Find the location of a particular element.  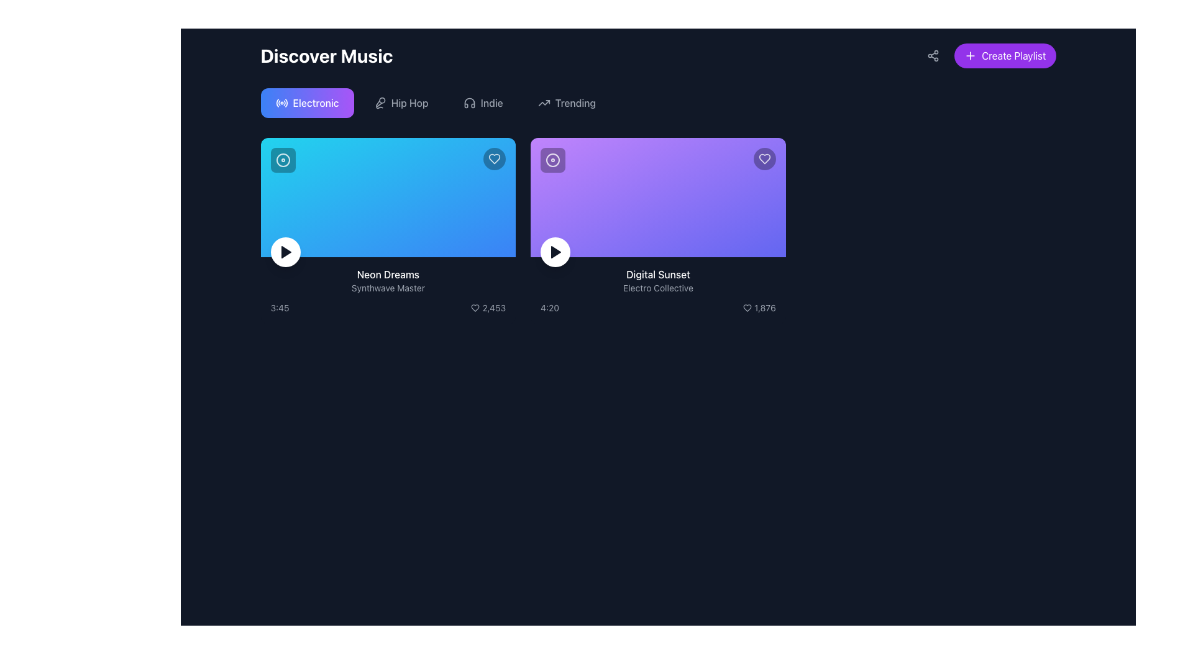

the SVG graphic icon located in the top-left corner of the card for the song 'Digital Sunset' is located at coordinates (552, 160).